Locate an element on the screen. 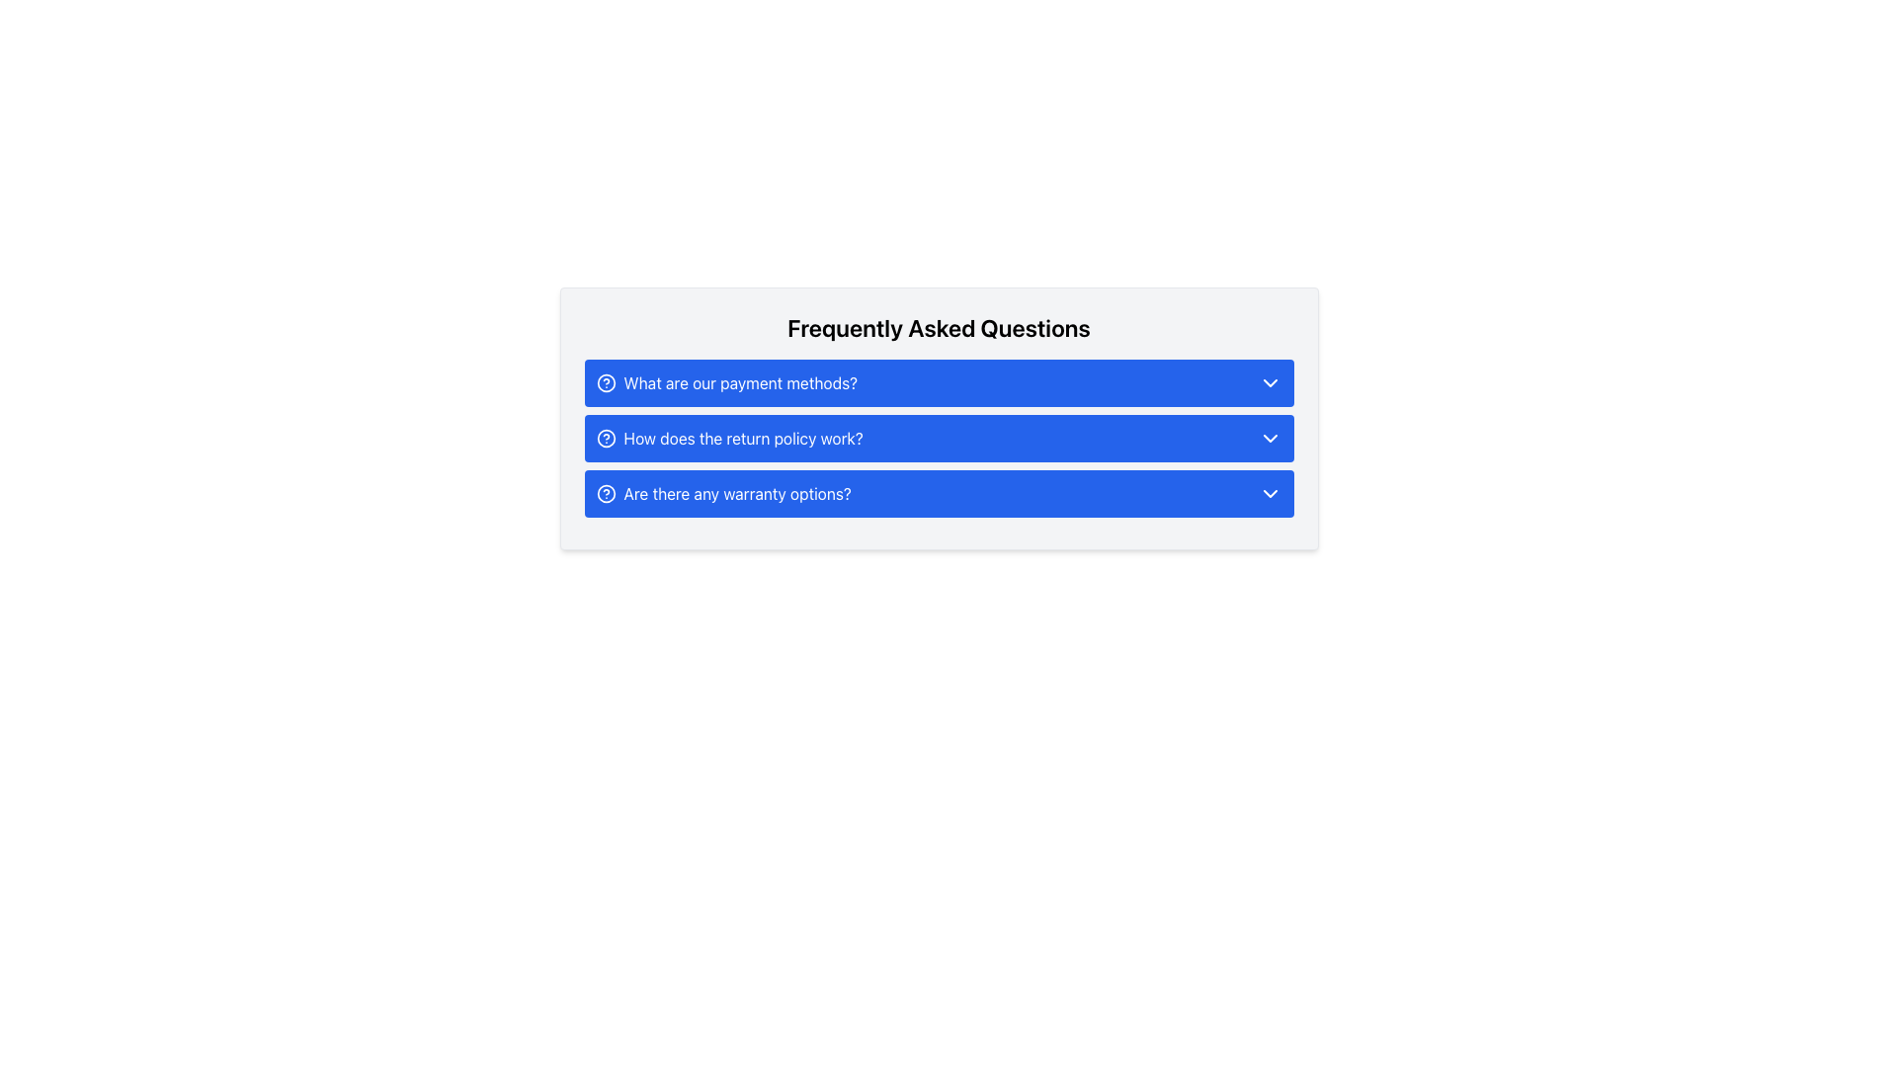 Image resolution: width=1897 pixels, height=1067 pixels. the circular help icon located to the left of the blue button labeled 'Are there any warranty options?' is located at coordinates (605, 493).